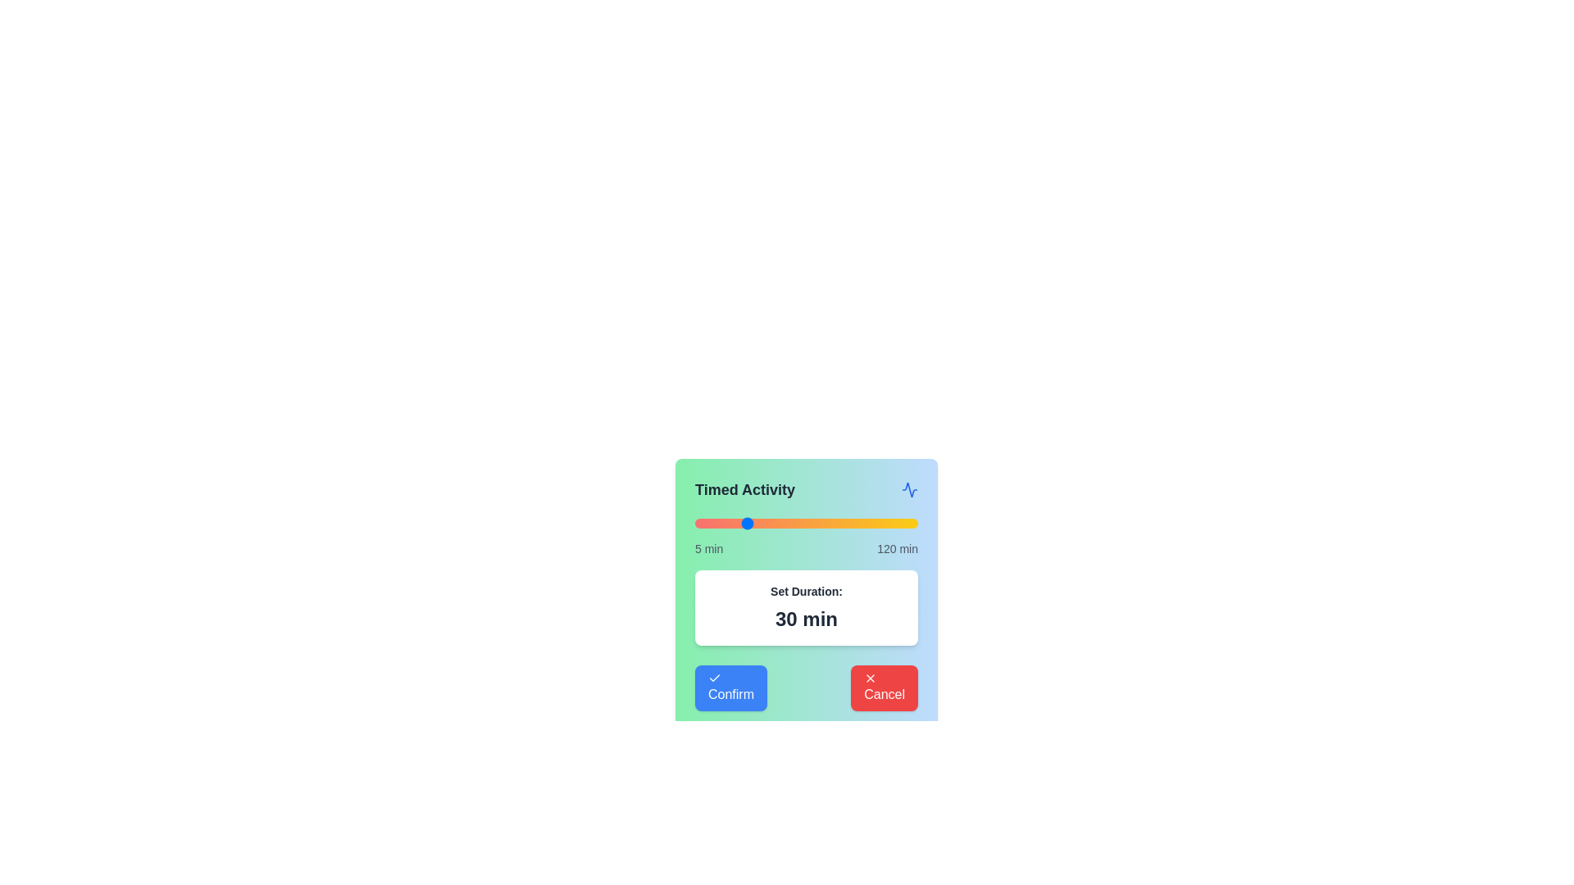 This screenshot has width=1574, height=885. What do you see at coordinates (884, 688) in the screenshot?
I see `the Cancel button to discard changes` at bounding box center [884, 688].